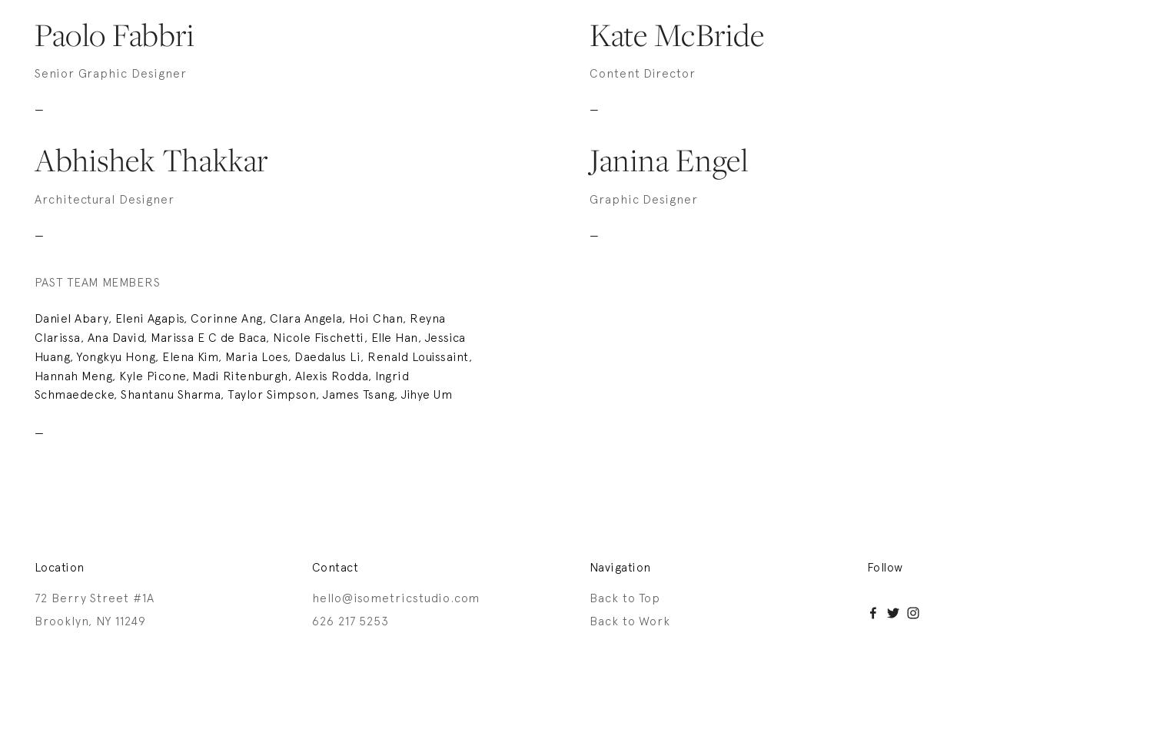 The width and height of the screenshot is (1153, 729). What do you see at coordinates (641, 72) in the screenshot?
I see `'Content Director'` at bounding box center [641, 72].